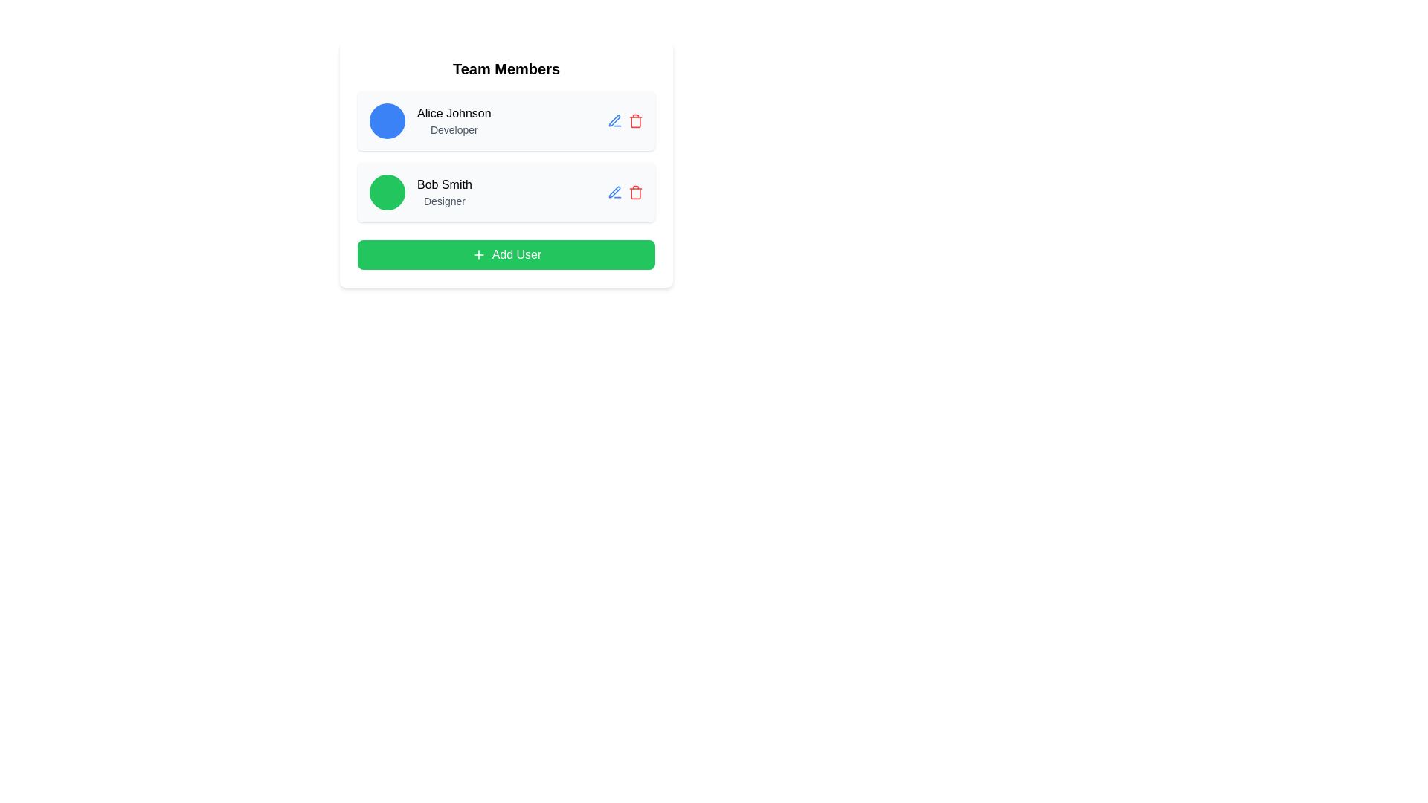 The image size is (1428, 803). I want to click on the text label identifying the team member 'Alice Johnson', so click(453, 113).